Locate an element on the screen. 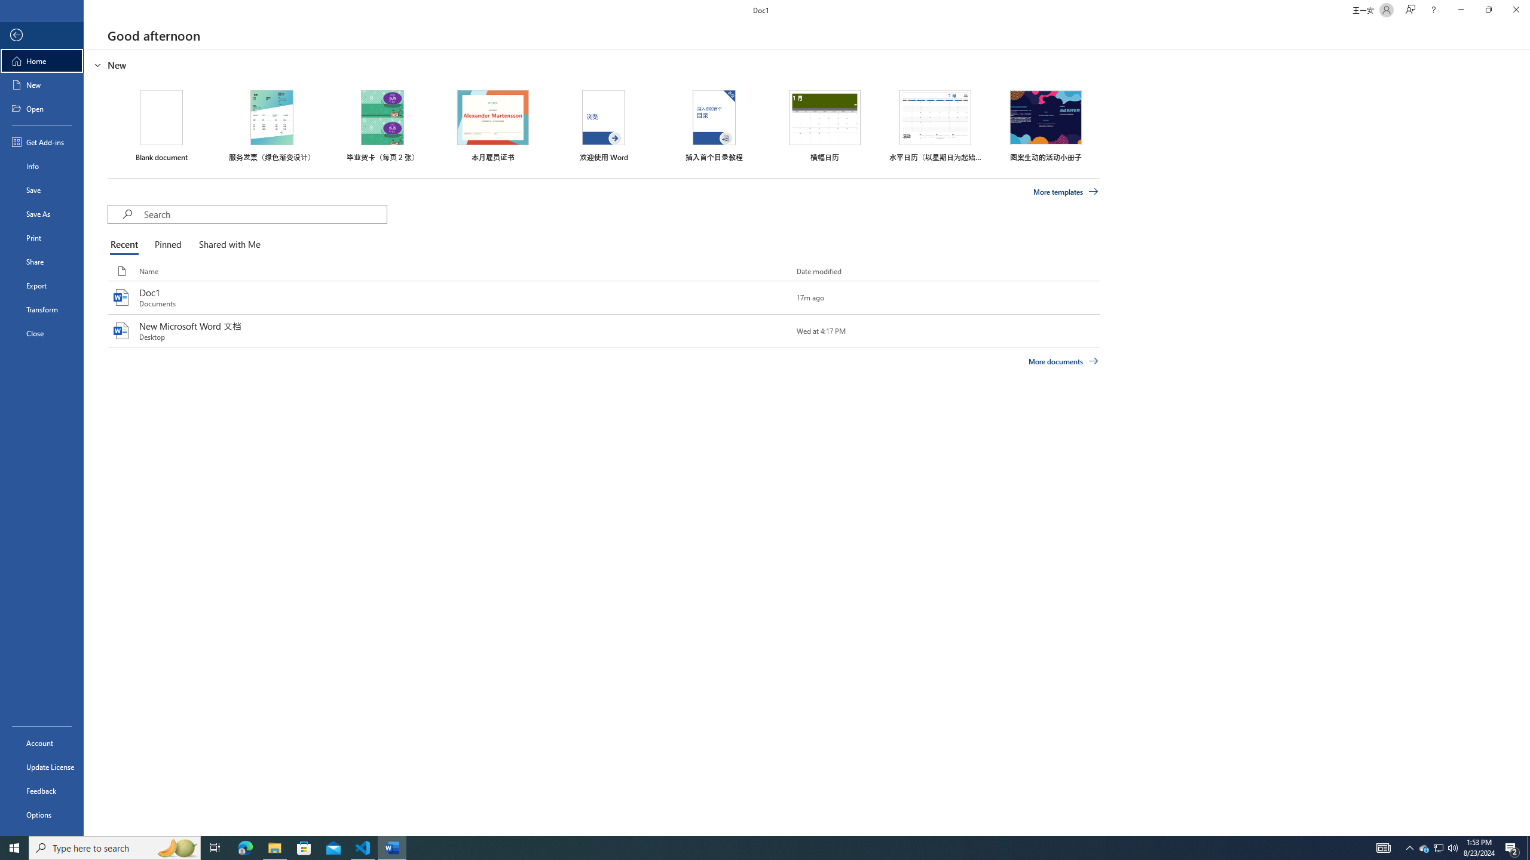 The image size is (1530, 860). 'Options' is located at coordinates (41, 814).